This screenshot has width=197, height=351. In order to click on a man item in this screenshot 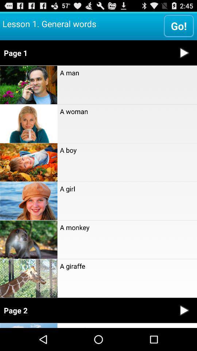, I will do `click(127, 73)`.